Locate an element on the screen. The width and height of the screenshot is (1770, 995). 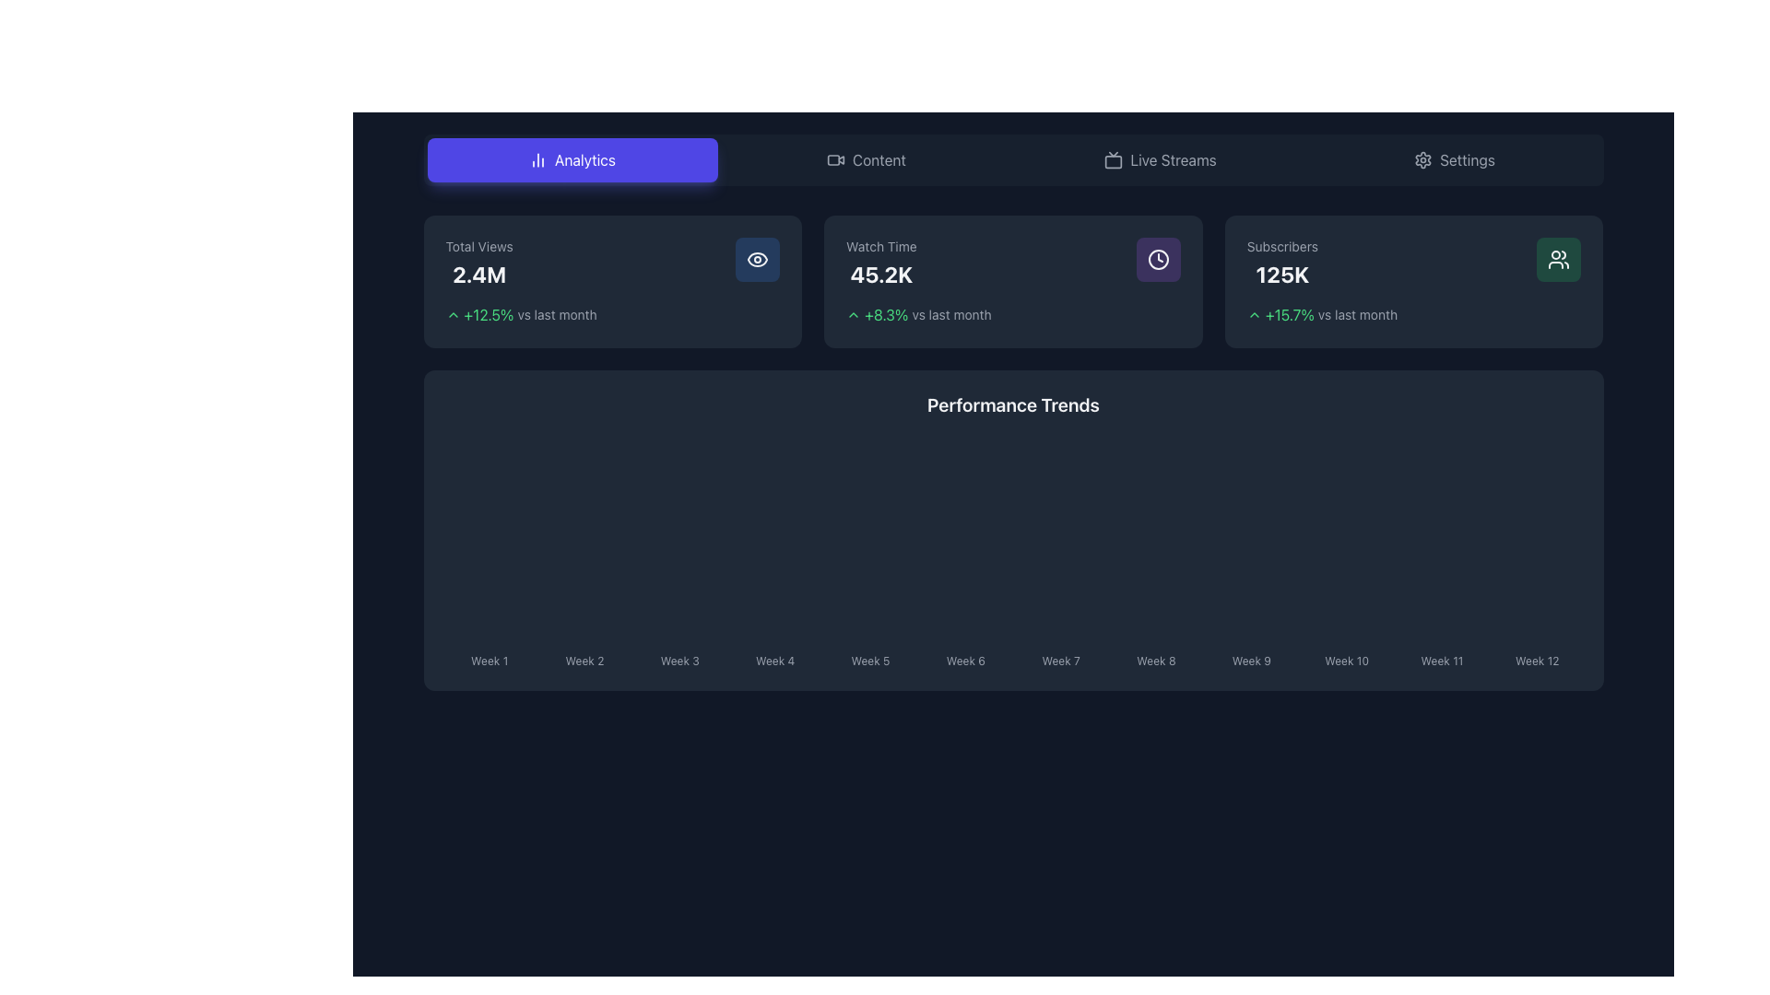
the television icon in the navigation bar, which is part of the 'Live Streams' button, located between the 'Content' and 'Settings' buttons is located at coordinates (1113, 158).